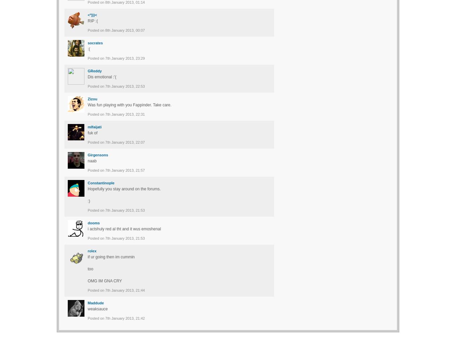  What do you see at coordinates (87, 154) in the screenshot?
I see `'Girgensons'` at bounding box center [87, 154].